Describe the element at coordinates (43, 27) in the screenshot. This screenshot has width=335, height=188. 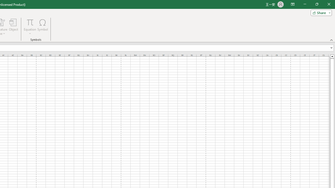
I see `'Symbol...'` at that location.